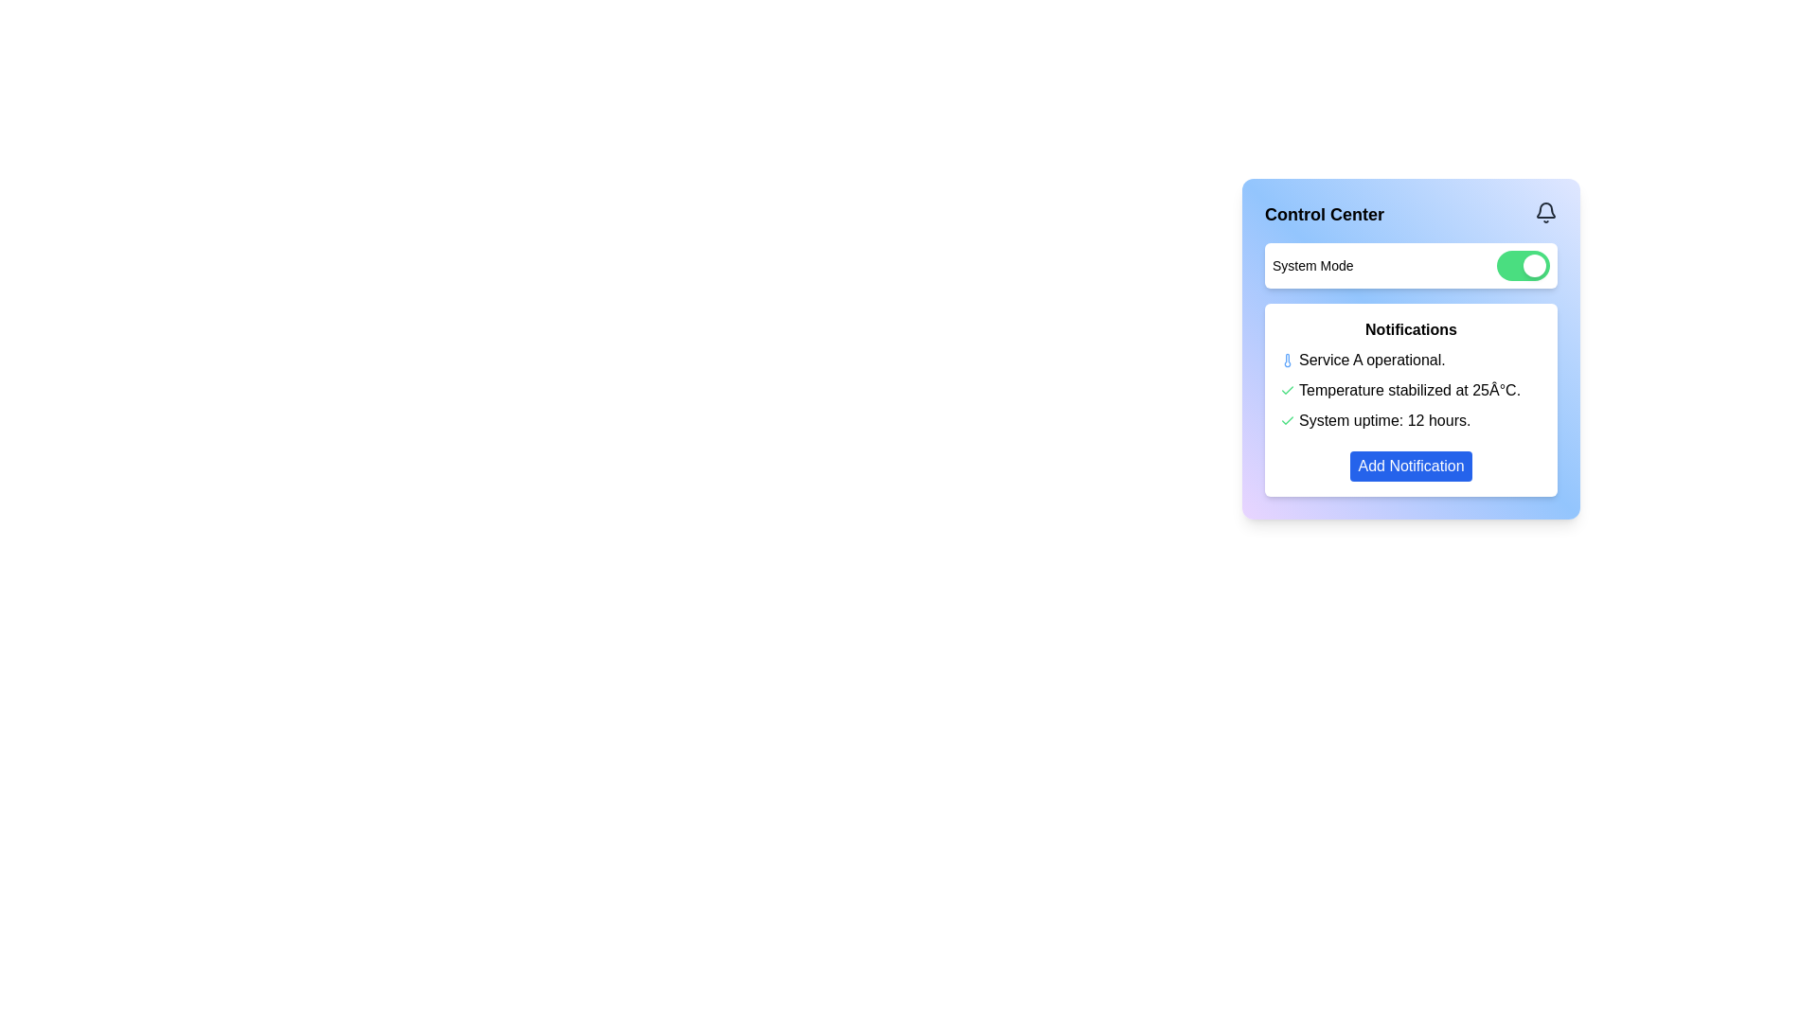 This screenshot has width=1818, height=1022. I want to click on the text label displaying the system's uptime duration, so click(1411, 419).